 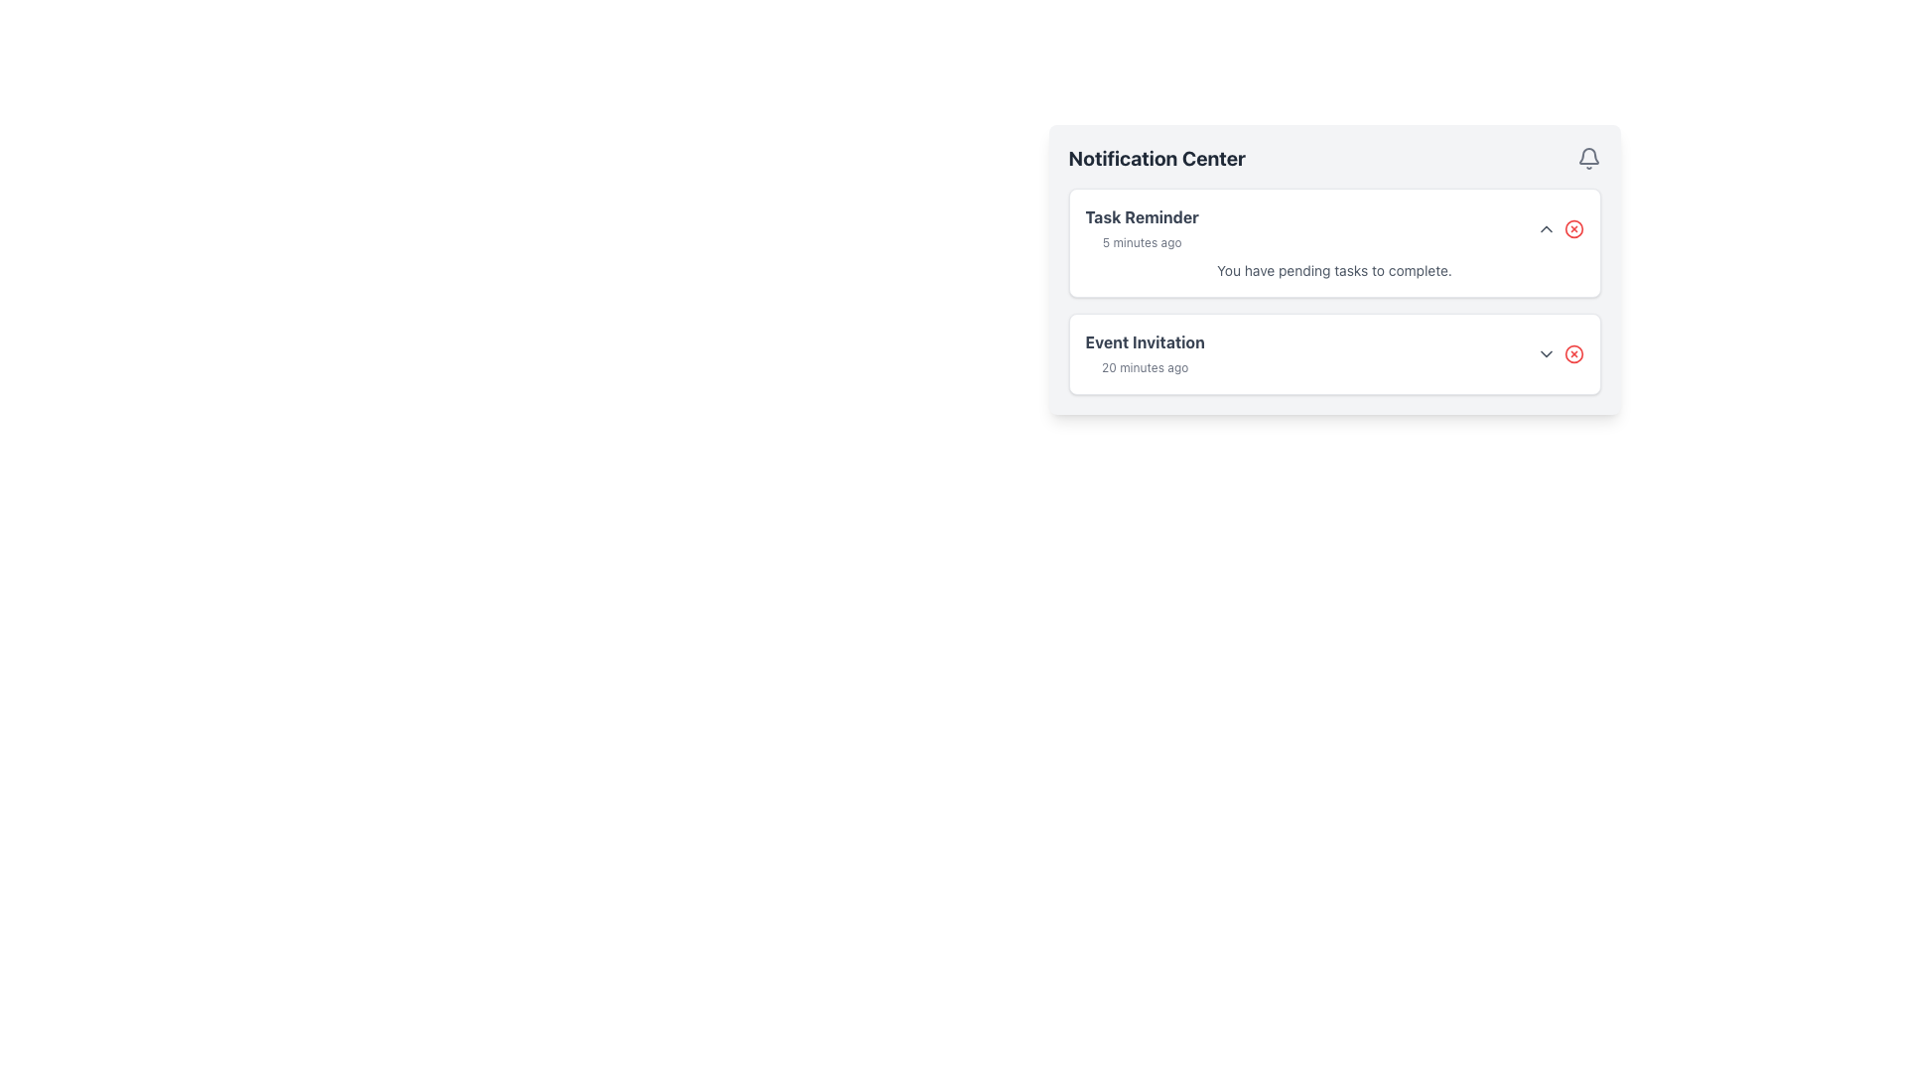 I want to click on the downward-pointing arrow on the left side of the composite element located at the top-right corner of the 'Event Invitation' notification entry, so click(x=1559, y=353).